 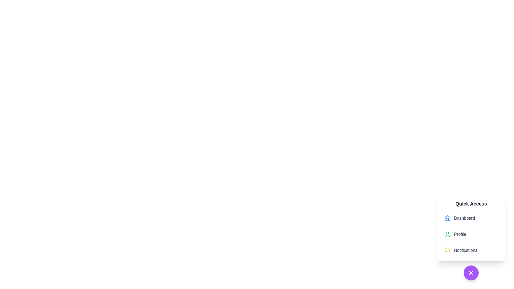 What do you see at coordinates (471, 234) in the screenshot?
I see `the 'Profile' button, which is the second item in the 'Quick Access' section` at bounding box center [471, 234].